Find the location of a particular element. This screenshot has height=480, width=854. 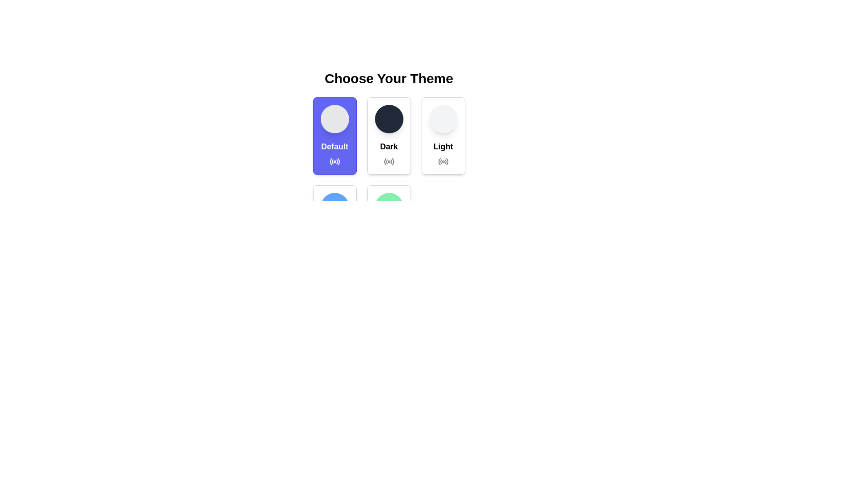

the gray radio icon depicting concentric circles, which is the third option in the row of theme selectors under the 'Light' label is located at coordinates (443, 161).